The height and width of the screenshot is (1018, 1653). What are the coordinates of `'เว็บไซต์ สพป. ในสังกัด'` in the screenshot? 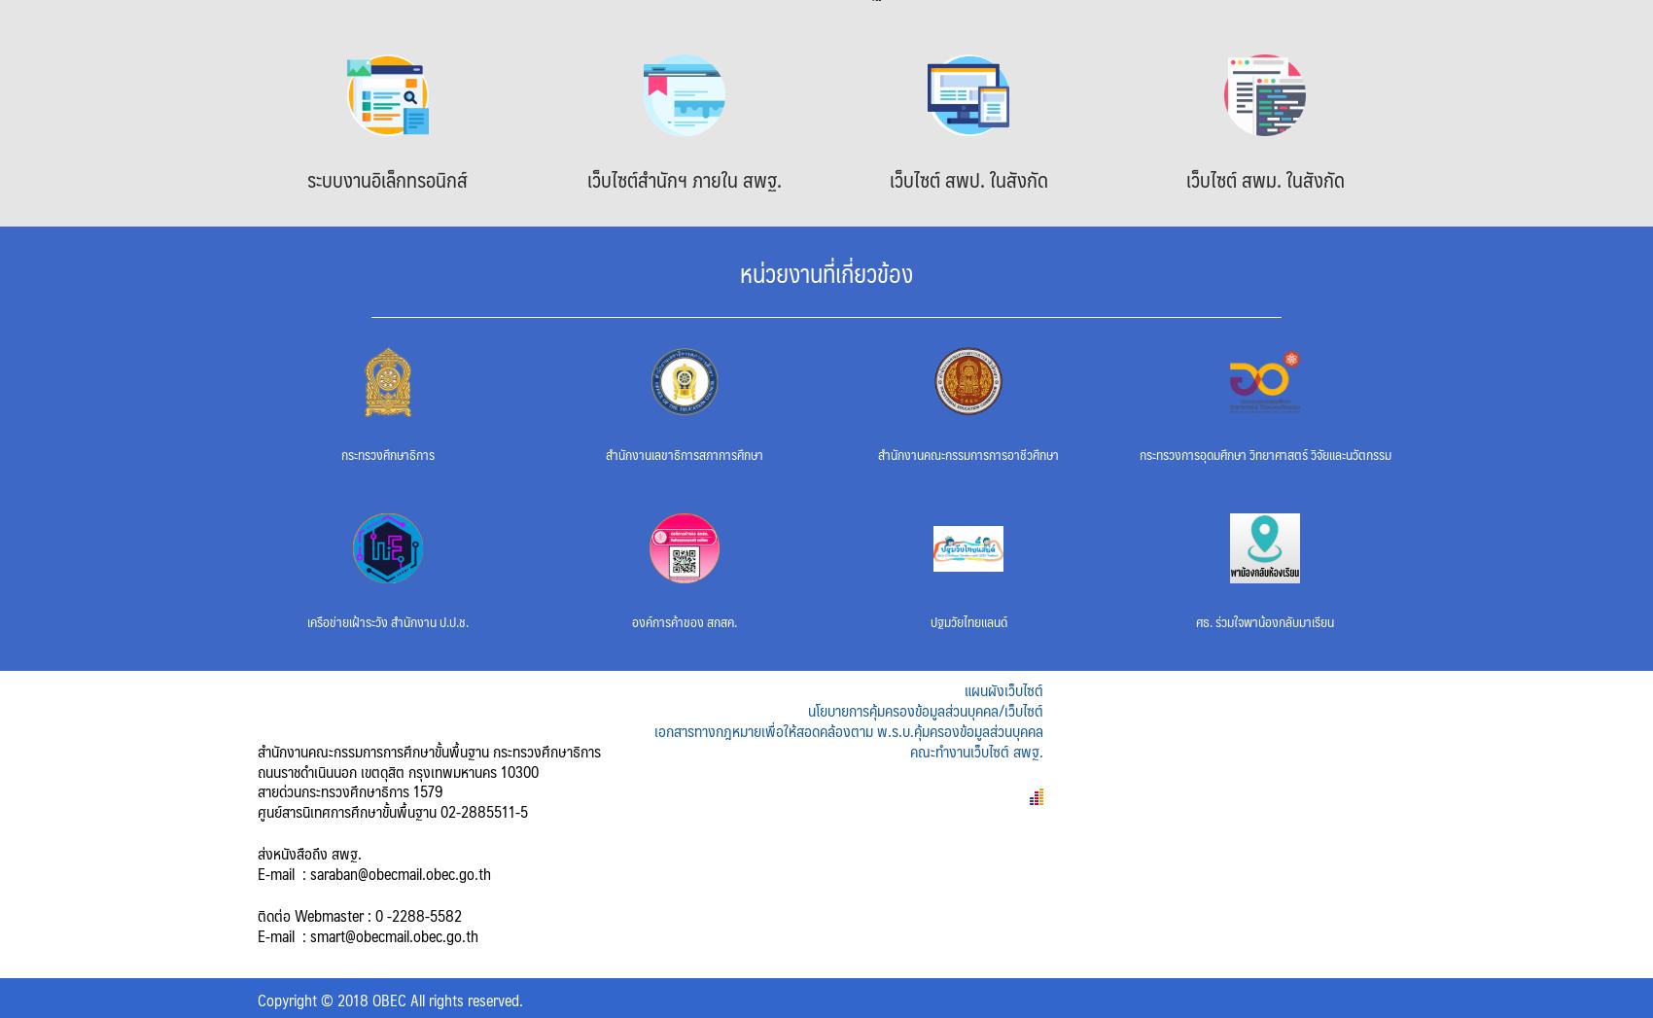 It's located at (967, 178).